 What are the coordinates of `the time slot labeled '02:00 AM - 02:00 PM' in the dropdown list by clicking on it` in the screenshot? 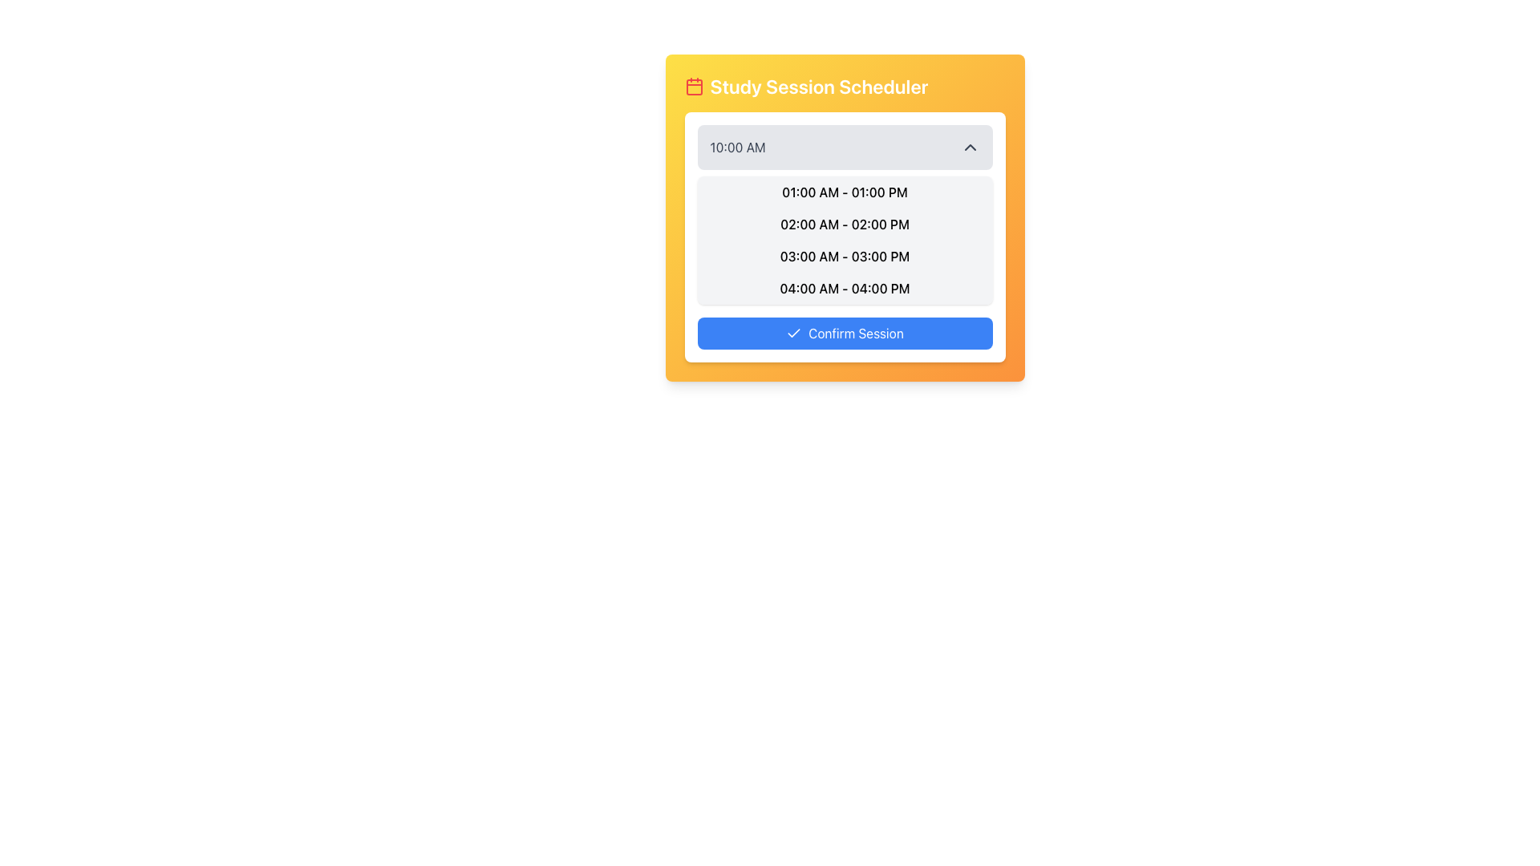 It's located at (844, 225).